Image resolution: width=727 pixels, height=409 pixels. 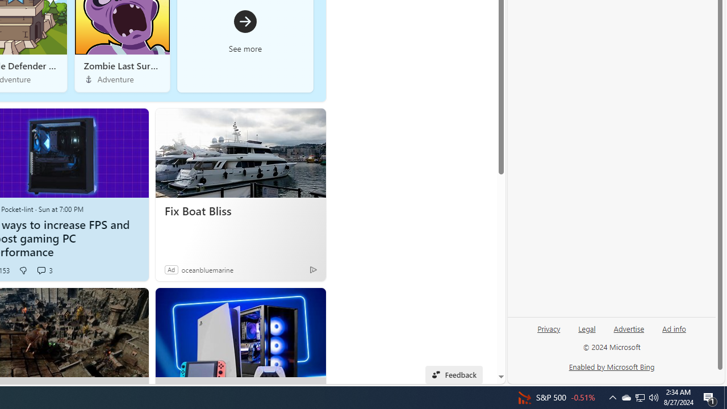 What do you see at coordinates (674, 328) in the screenshot?
I see `'Ad info'` at bounding box center [674, 328].